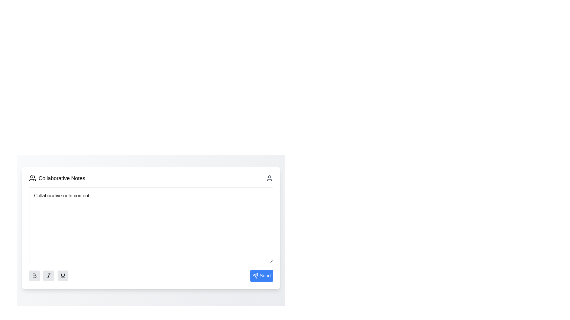 This screenshot has height=320, width=570. Describe the element at coordinates (34, 276) in the screenshot. I see `the leftmost button in the formatting toolbar` at that location.